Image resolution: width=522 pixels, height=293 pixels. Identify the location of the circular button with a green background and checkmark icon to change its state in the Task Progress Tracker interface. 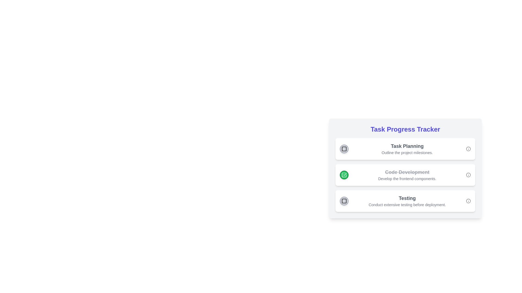
(344, 175).